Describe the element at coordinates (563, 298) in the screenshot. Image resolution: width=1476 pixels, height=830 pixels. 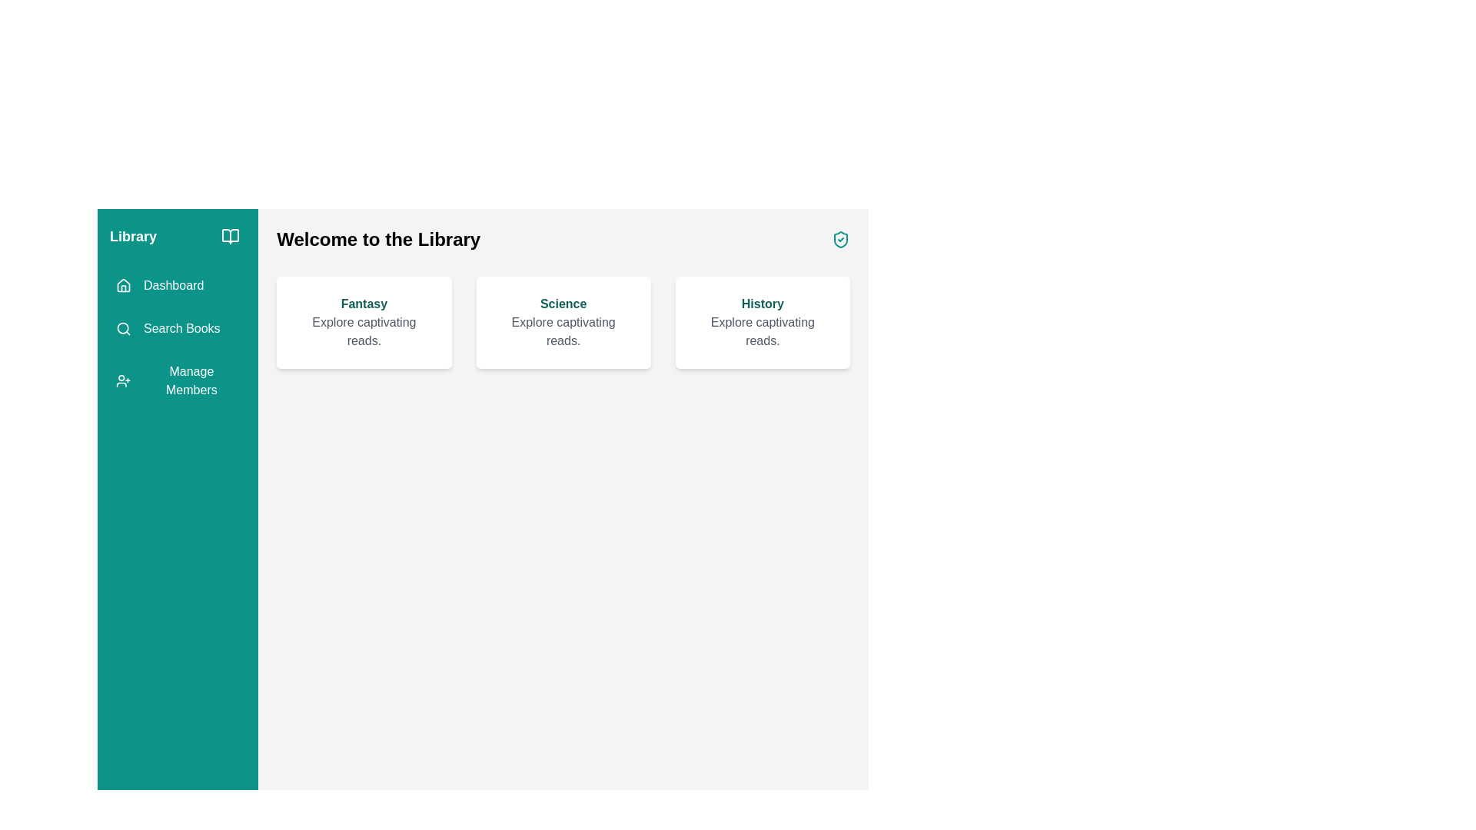
I see `the clickable card titled 'Science'` at that location.